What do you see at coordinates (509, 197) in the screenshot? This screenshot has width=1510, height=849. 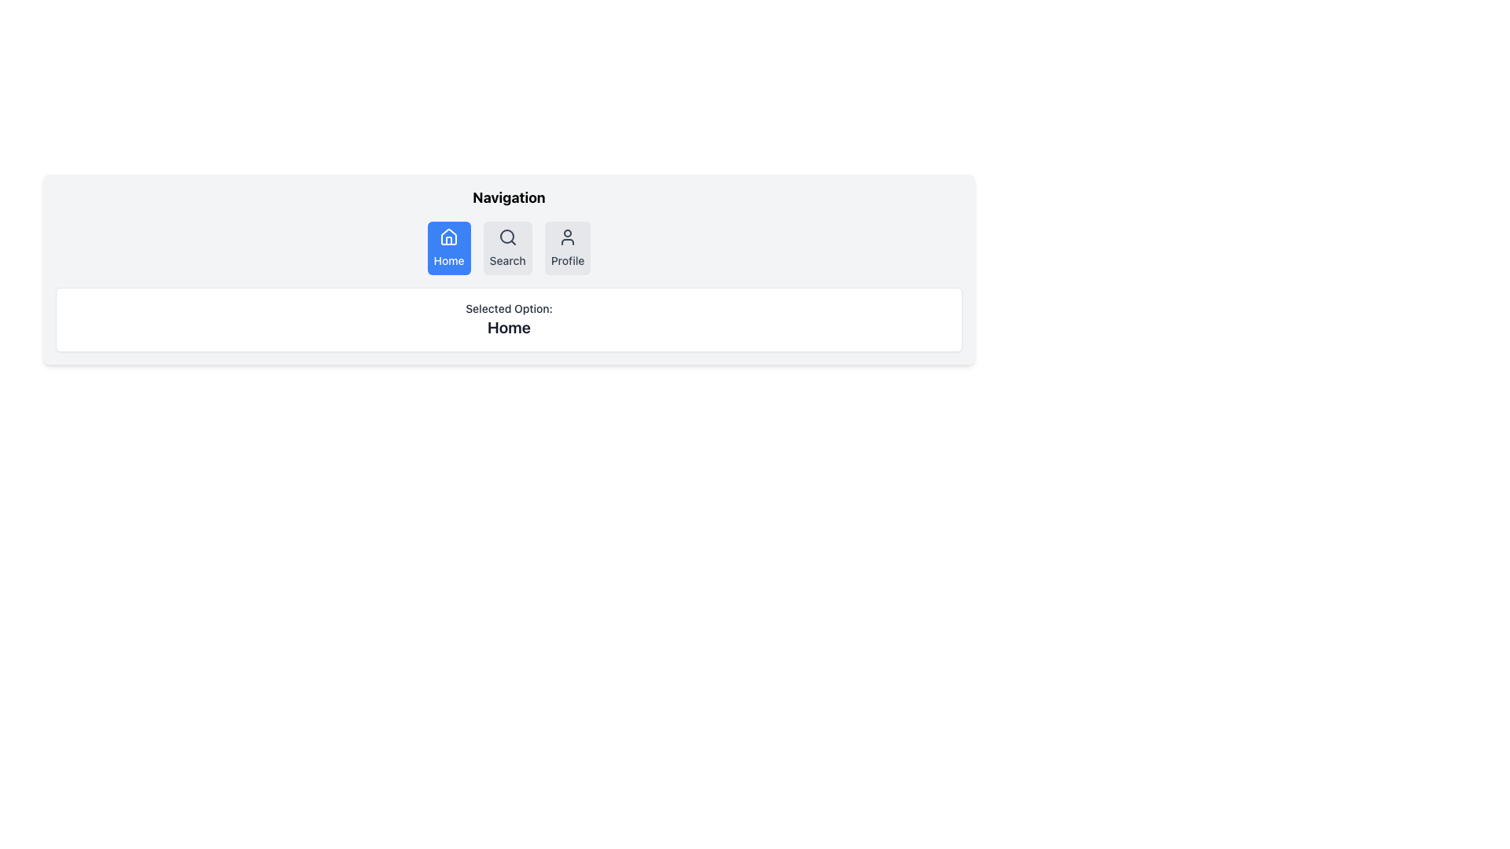 I see `the title text element that serves as the header for the navigation section, located above the navigation buttons and centered horizontally` at bounding box center [509, 197].